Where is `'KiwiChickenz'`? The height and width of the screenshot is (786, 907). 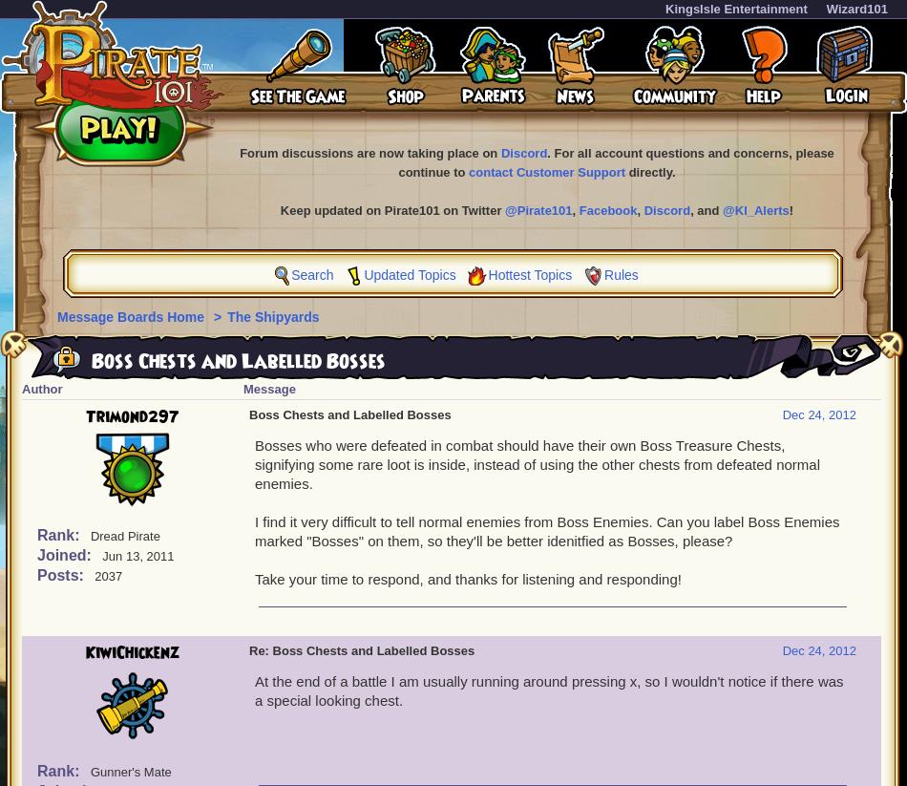
'KiwiChickenz' is located at coordinates (132, 651).